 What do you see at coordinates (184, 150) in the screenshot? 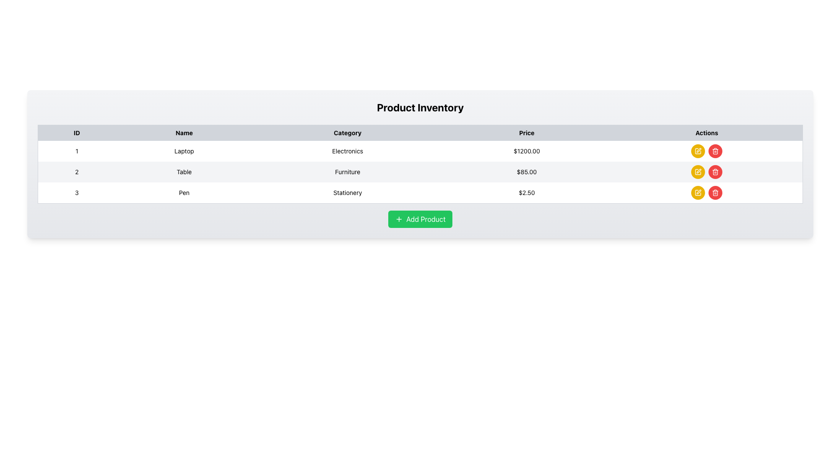
I see `on the text display labeled 'Laptop' in the first row, second column of the product inventory table` at bounding box center [184, 150].